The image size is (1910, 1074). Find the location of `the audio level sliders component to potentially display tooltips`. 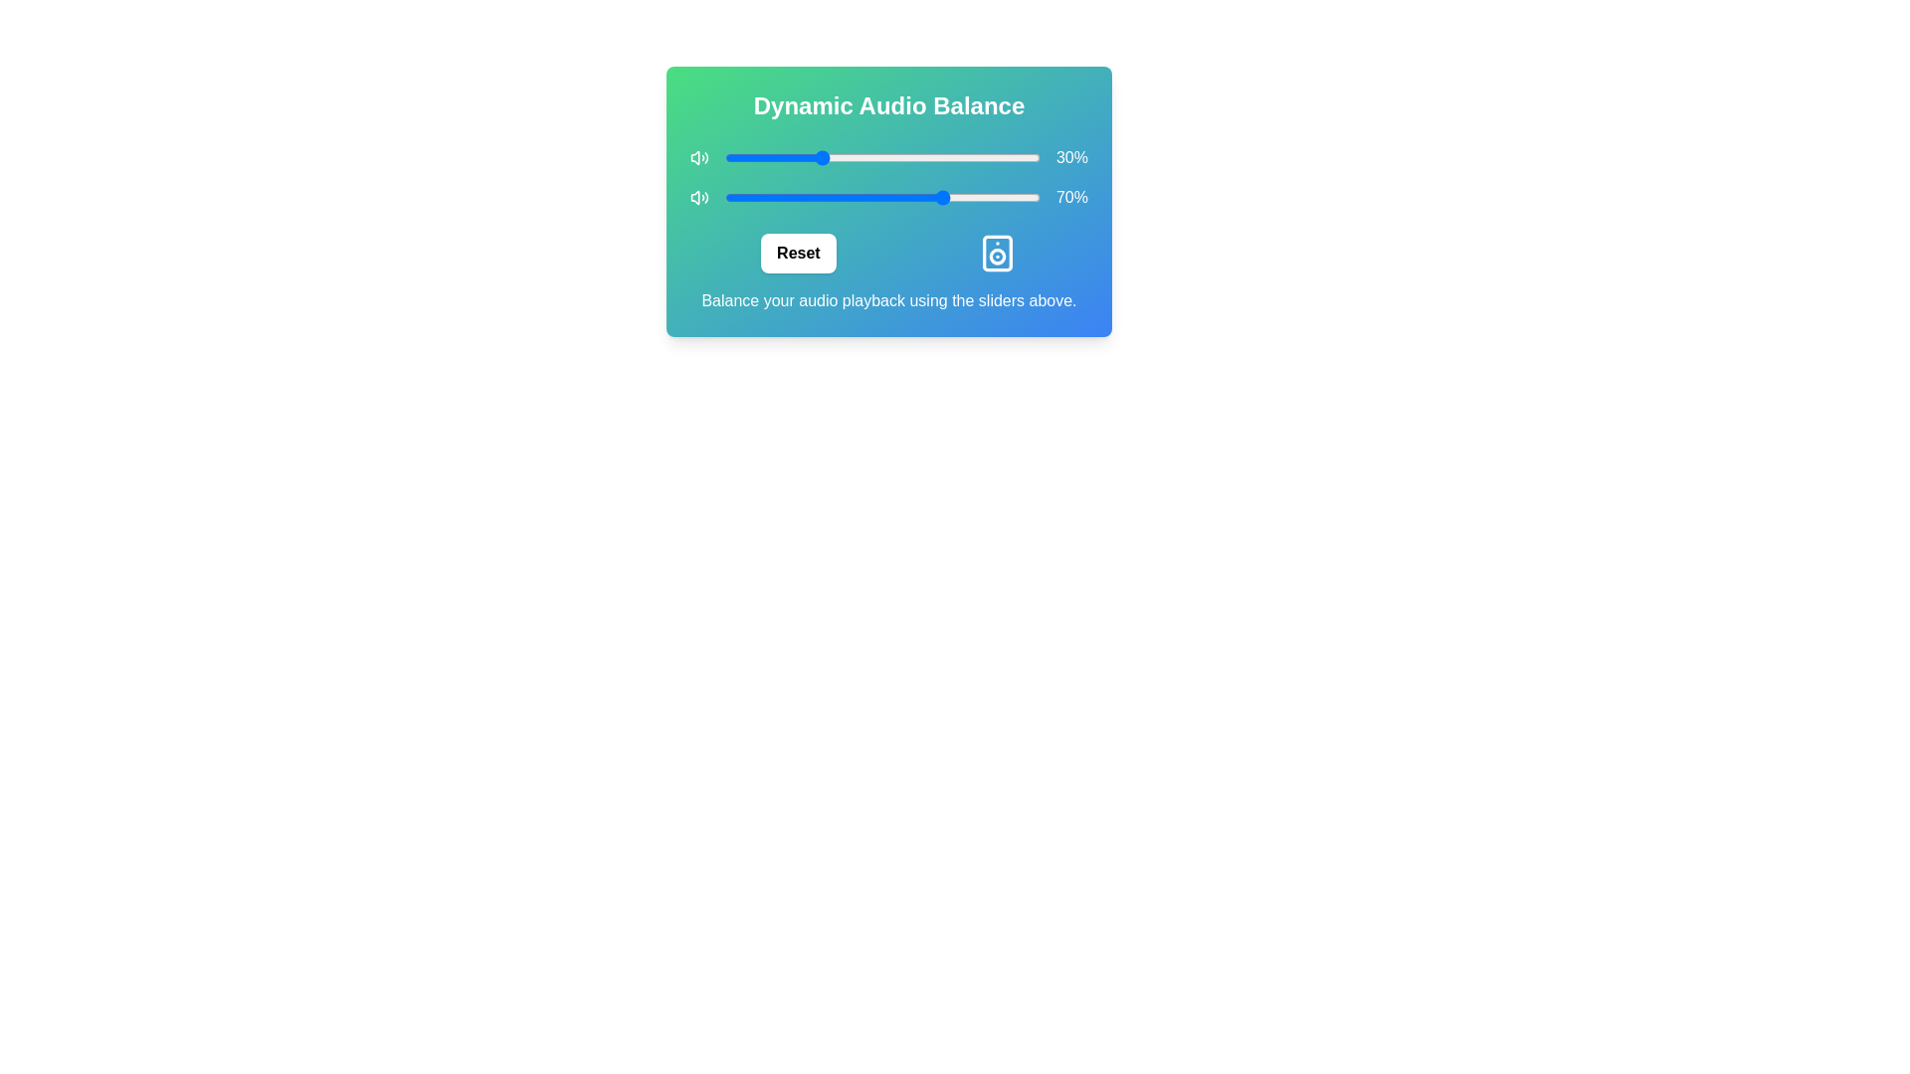

the audio level sliders component to potentially display tooltips is located at coordinates (887, 202).